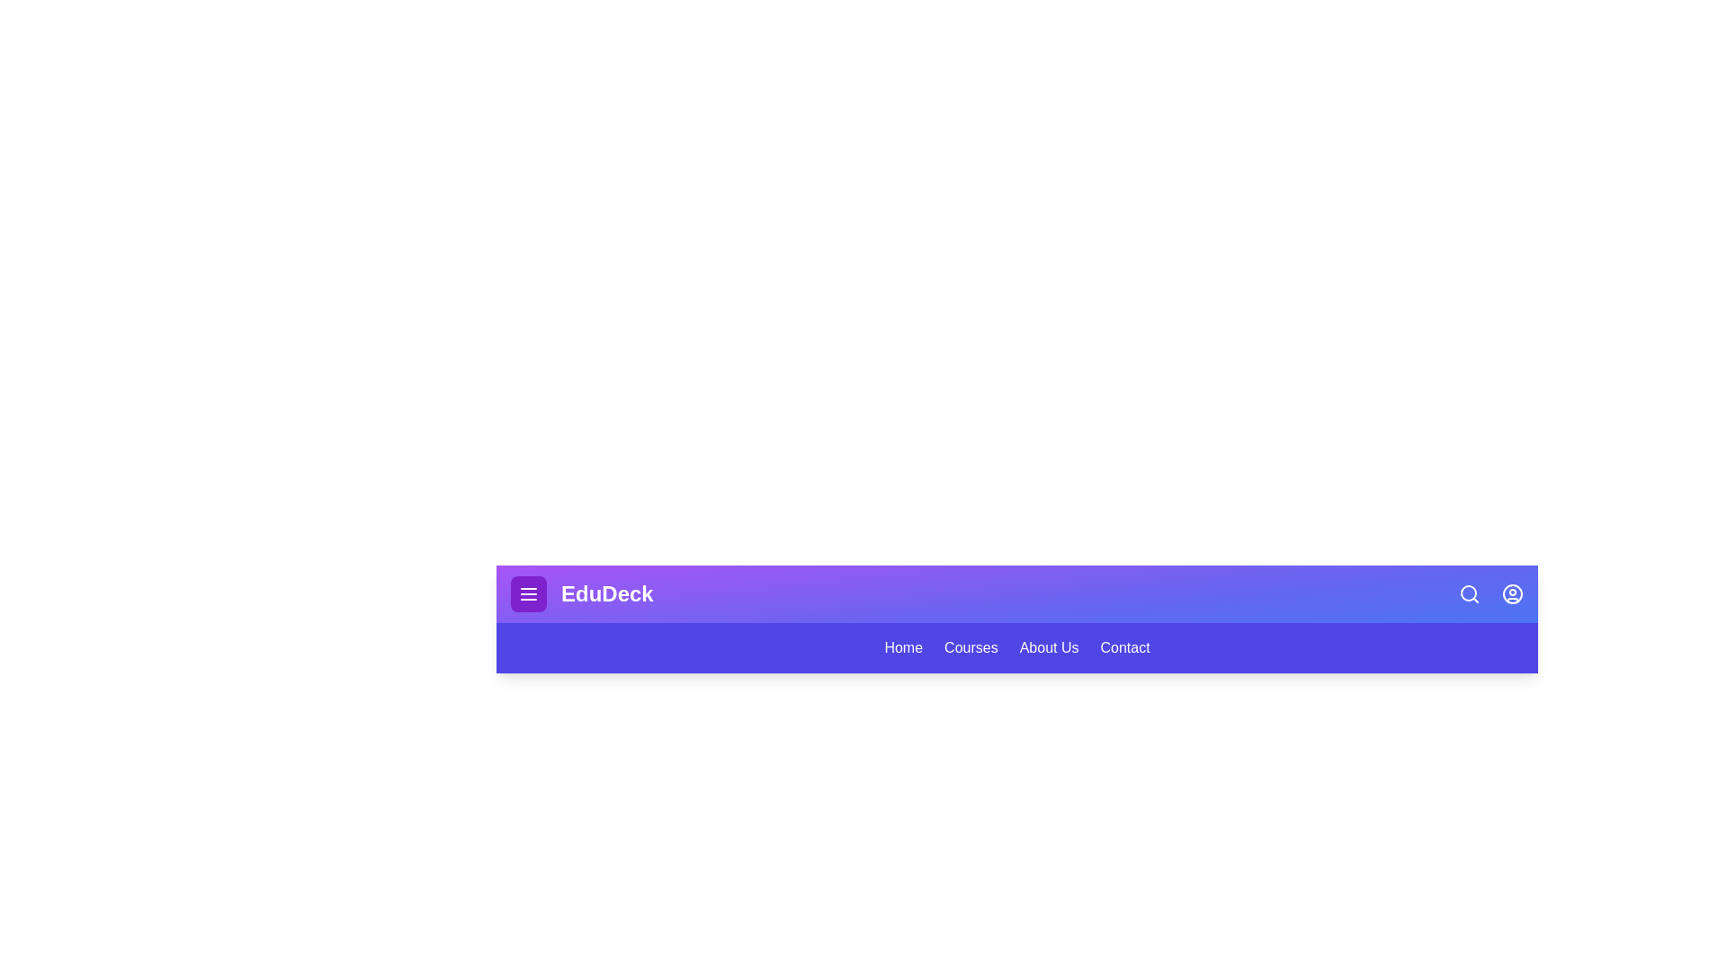 The width and height of the screenshot is (1727, 971). I want to click on the search icon in the app bar, so click(1469, 593).